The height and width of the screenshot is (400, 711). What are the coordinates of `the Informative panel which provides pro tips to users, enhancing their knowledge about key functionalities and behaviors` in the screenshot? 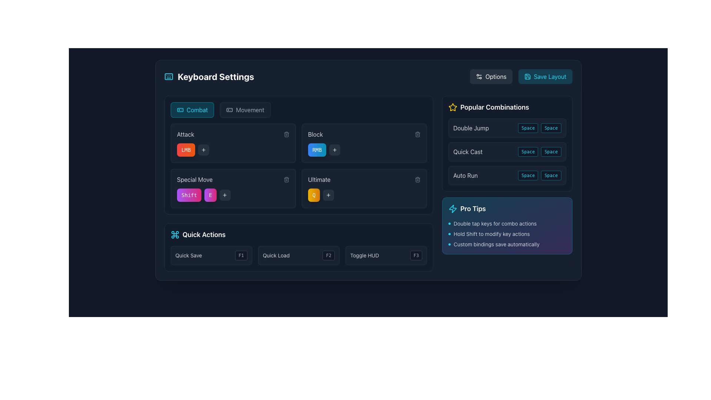 It's located at (507, 225).